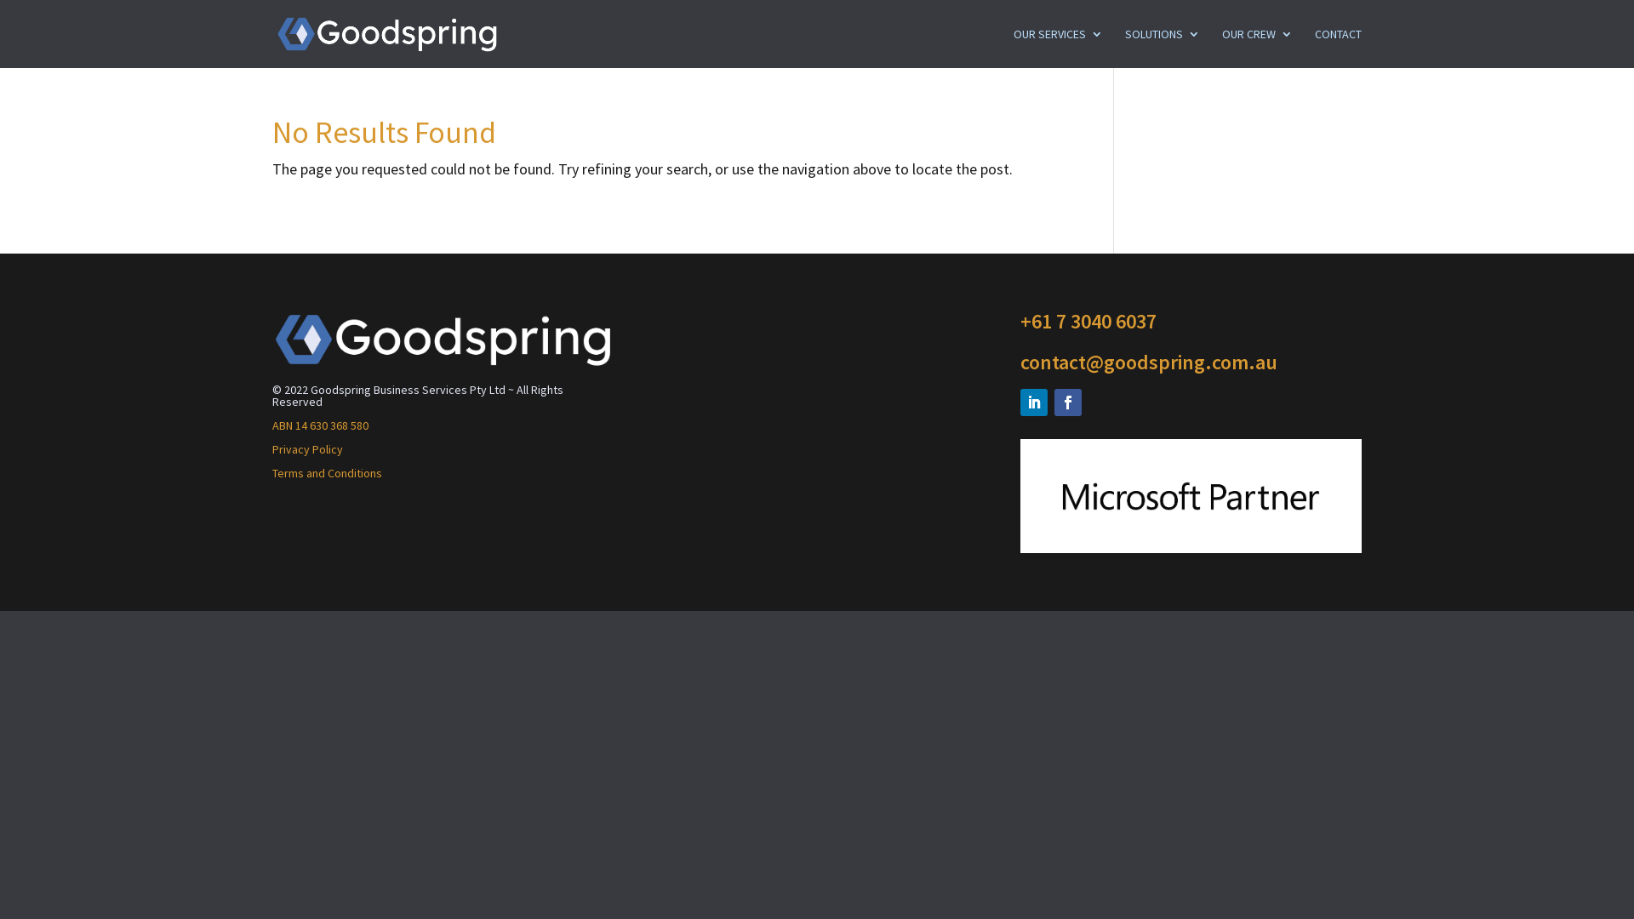 This screenshot has width=1634, height=919. I want to click on 'Follow on Facebook', so click(1066, 402).